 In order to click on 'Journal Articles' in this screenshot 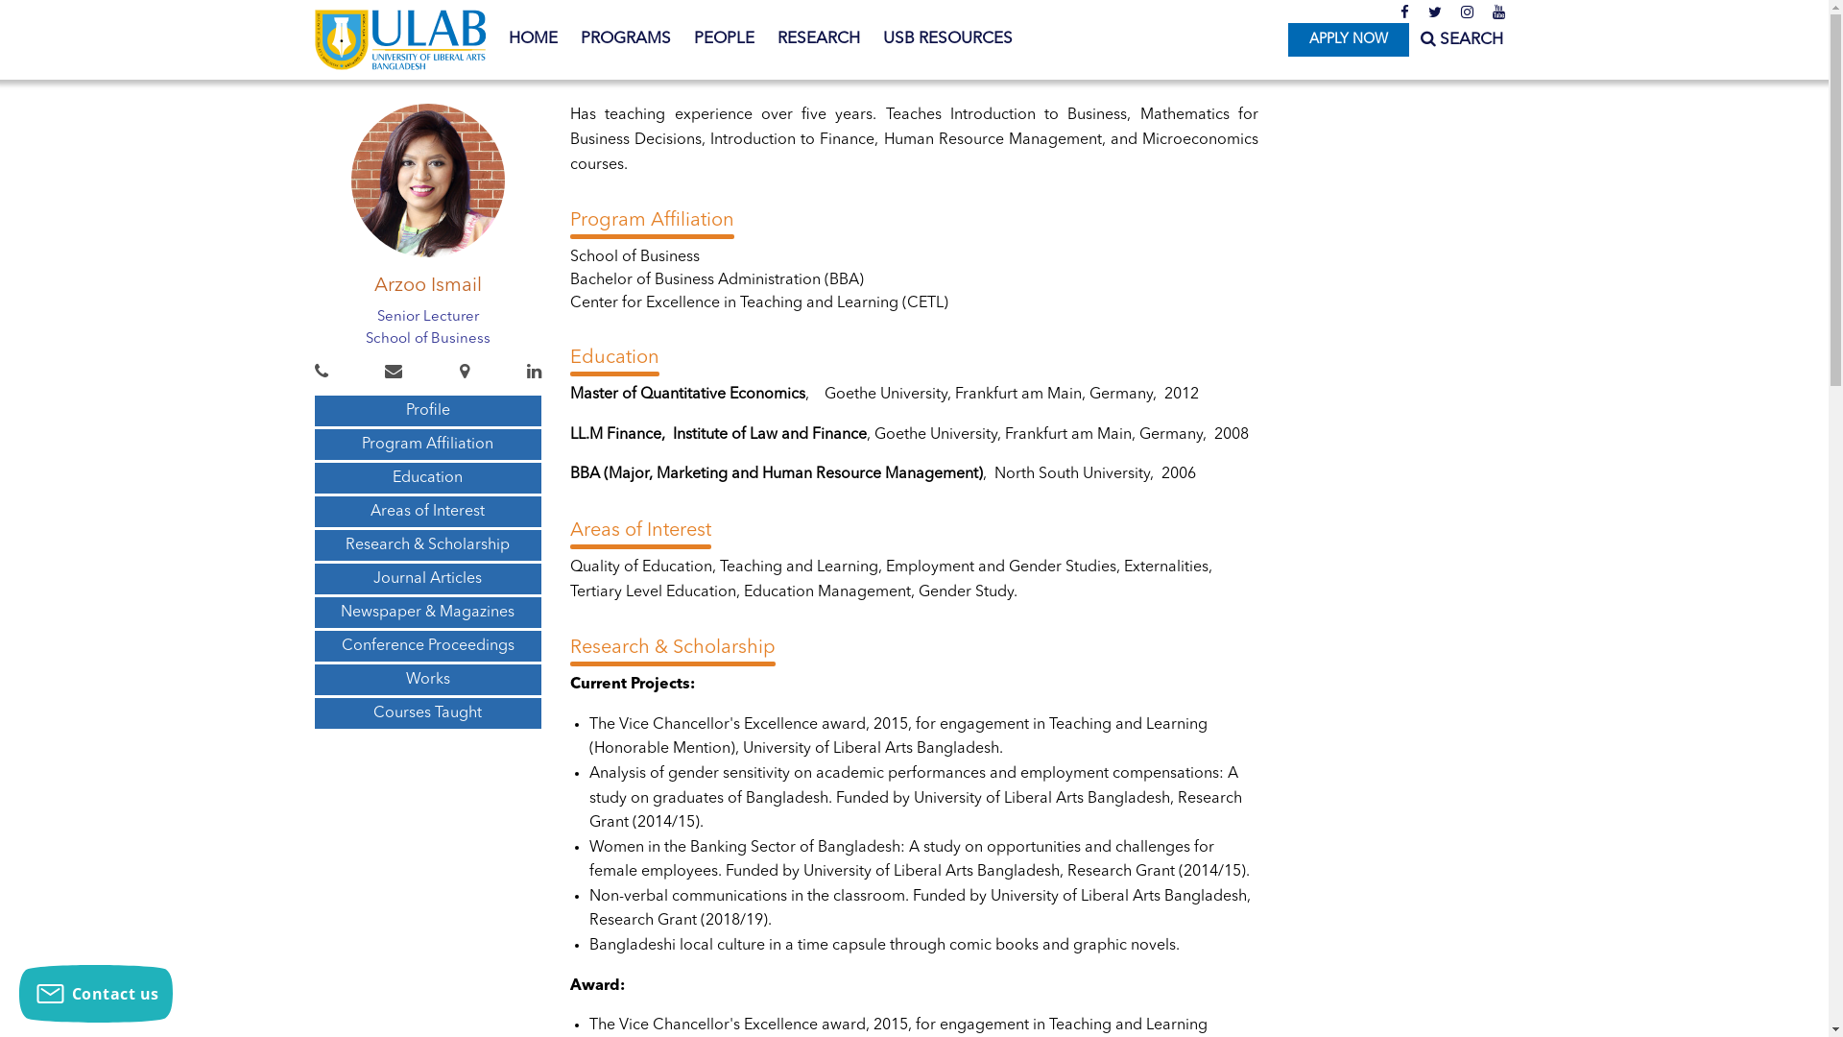, I will do `click(427, 577)`.